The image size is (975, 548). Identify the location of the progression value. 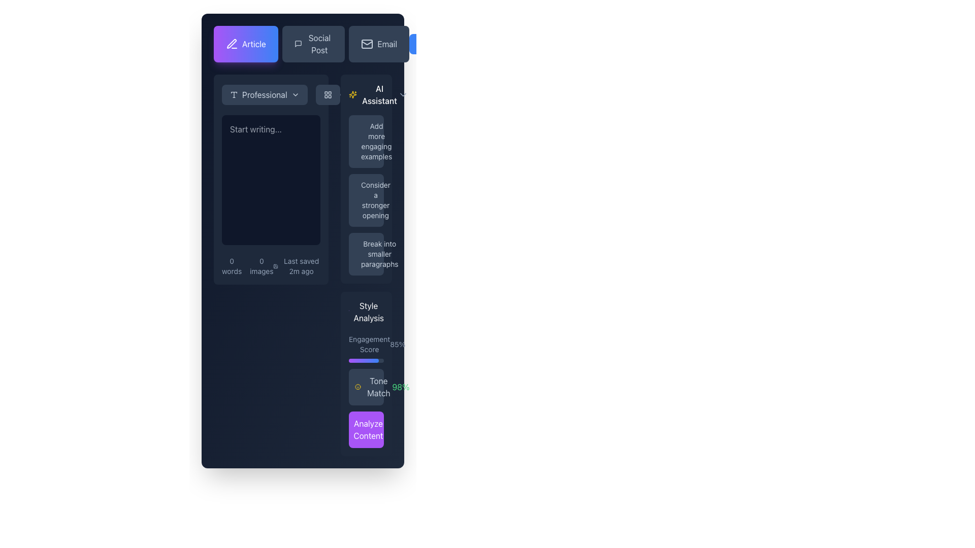
(365, 360).